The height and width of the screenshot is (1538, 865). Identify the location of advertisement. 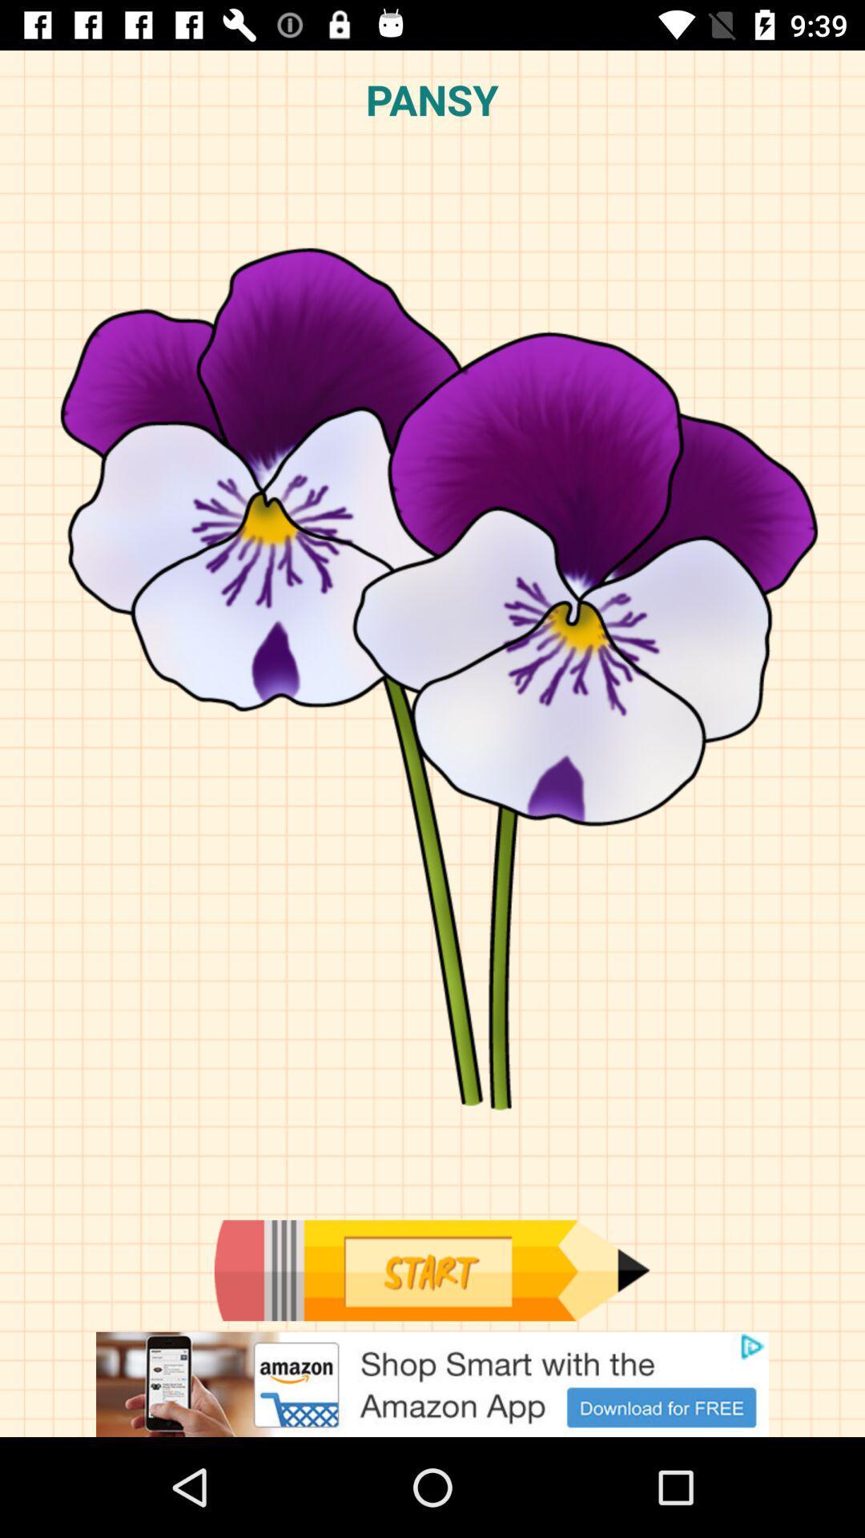
(432, 1383).